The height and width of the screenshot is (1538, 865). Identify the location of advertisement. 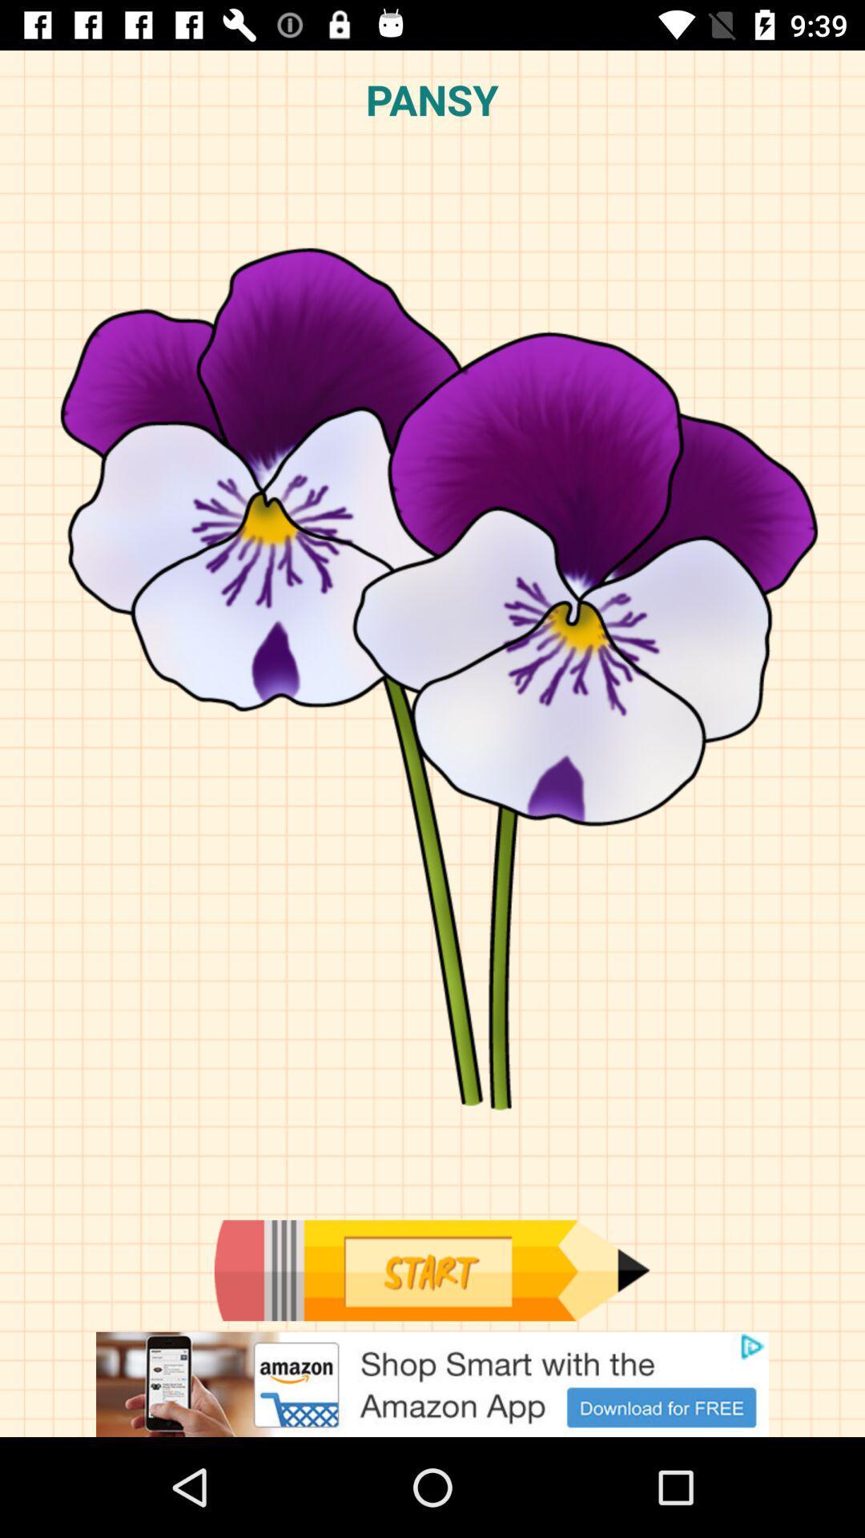
(432, 1383).